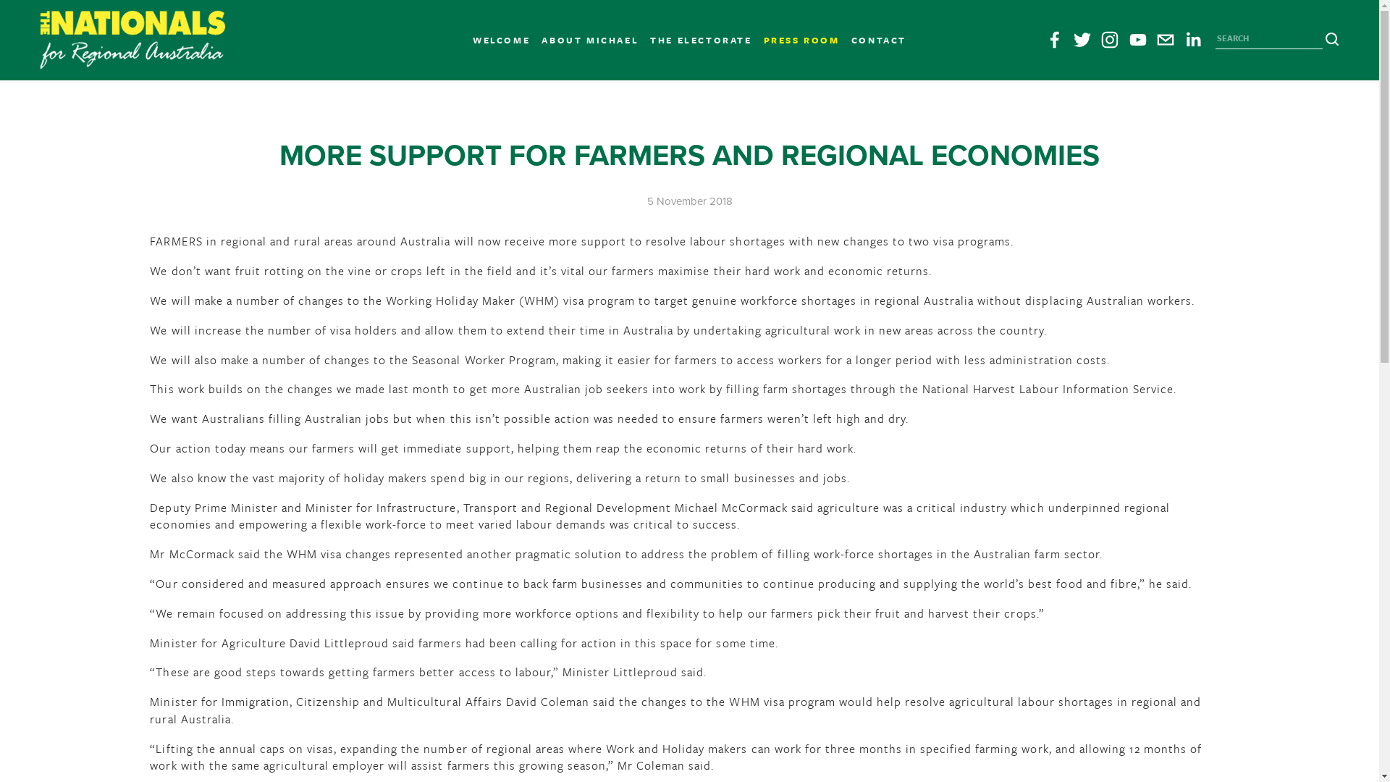 The width and height of the screenshot is (1390, 782). What do you see at coordinates (878, 38) in the screenshot?
I see `'CONTACT'` at bounding box center [878, 38].